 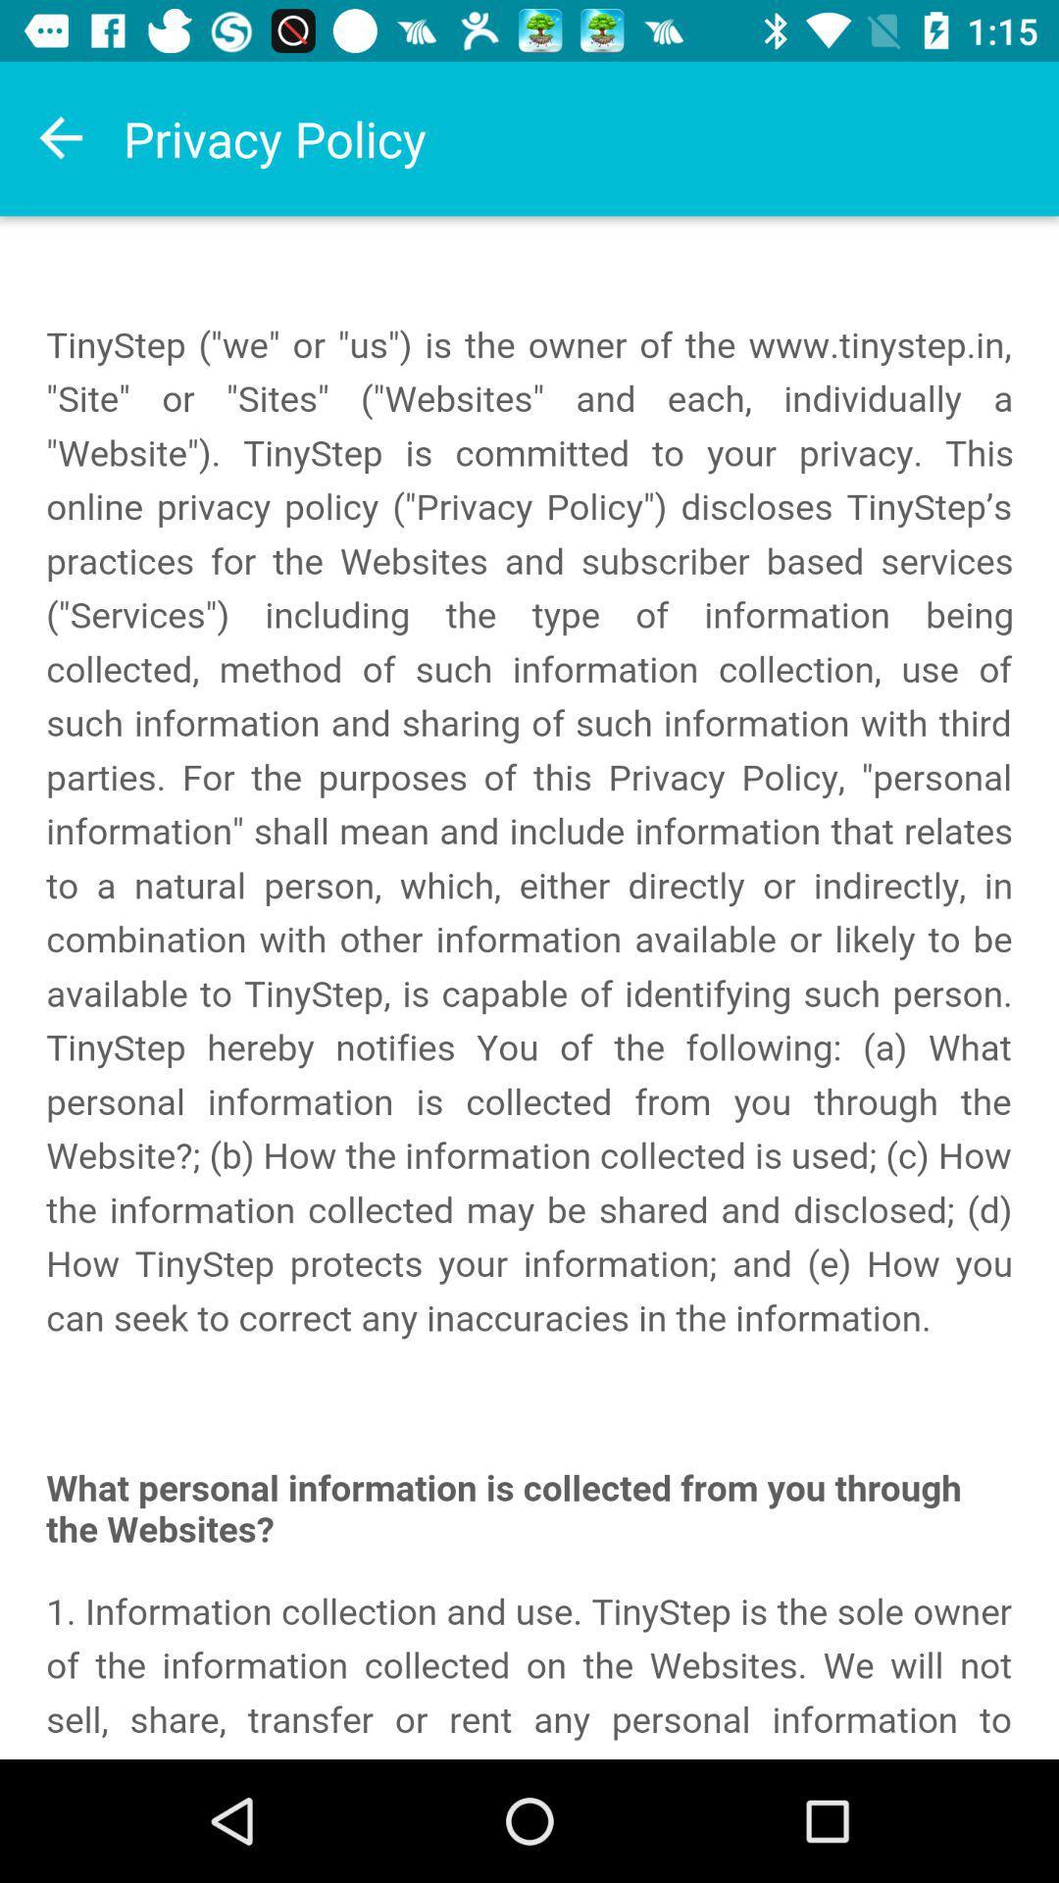 What do you see at coordinates (60, 137) in the screenshot?
I see `backword the option` at bounding box center [60, 137].